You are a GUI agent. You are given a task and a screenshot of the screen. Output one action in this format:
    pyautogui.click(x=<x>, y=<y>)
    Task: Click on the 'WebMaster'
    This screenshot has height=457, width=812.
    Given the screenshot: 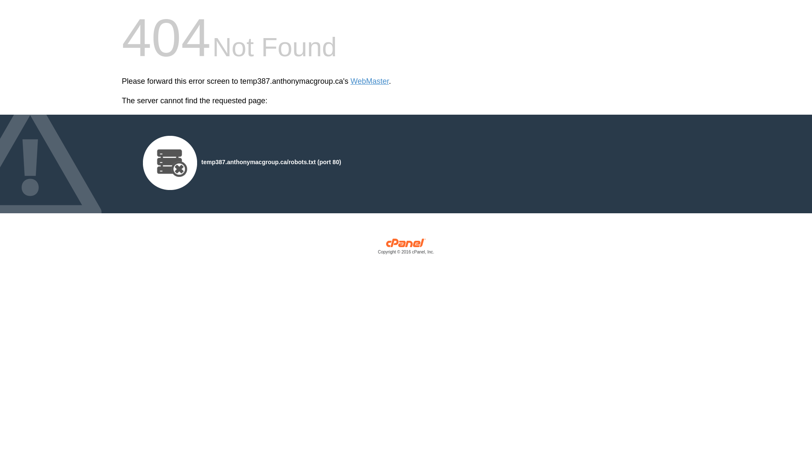 What is the action you would take?
    pyautogui.click(x=351, y=81)
    